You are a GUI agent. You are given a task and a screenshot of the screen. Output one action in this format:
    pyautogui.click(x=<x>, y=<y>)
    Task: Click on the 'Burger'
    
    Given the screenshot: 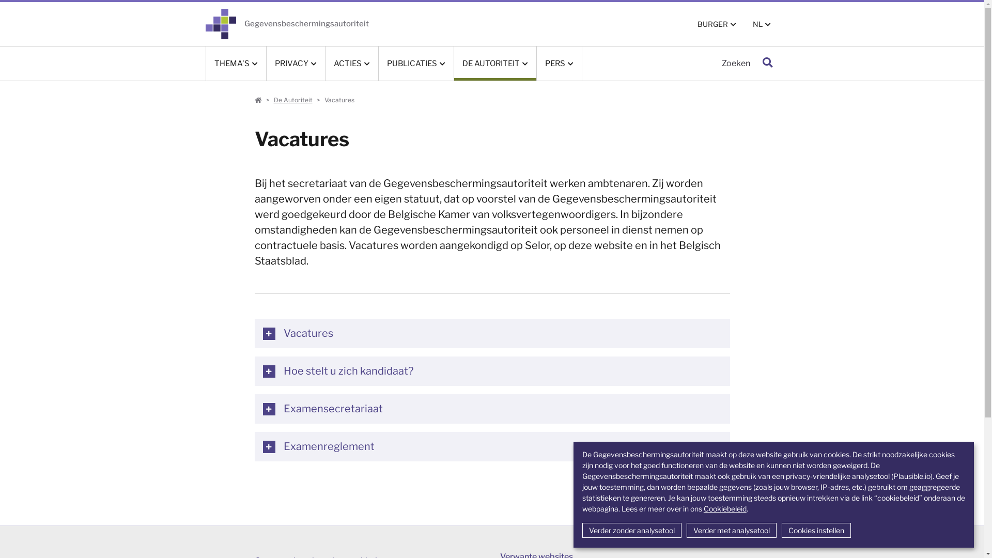 What is the action you would take?
    pyautogui.click(x=258, y=100)
    